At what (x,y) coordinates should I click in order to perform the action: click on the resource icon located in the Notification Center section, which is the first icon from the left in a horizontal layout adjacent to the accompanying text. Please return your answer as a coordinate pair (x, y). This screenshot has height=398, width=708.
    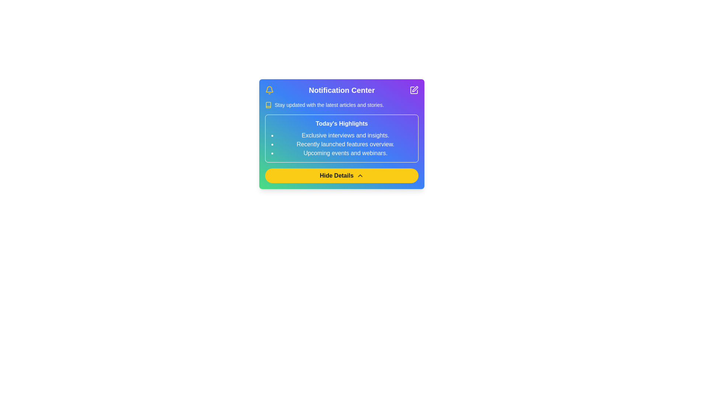
    Looking at the image, I should click on (268, 105).